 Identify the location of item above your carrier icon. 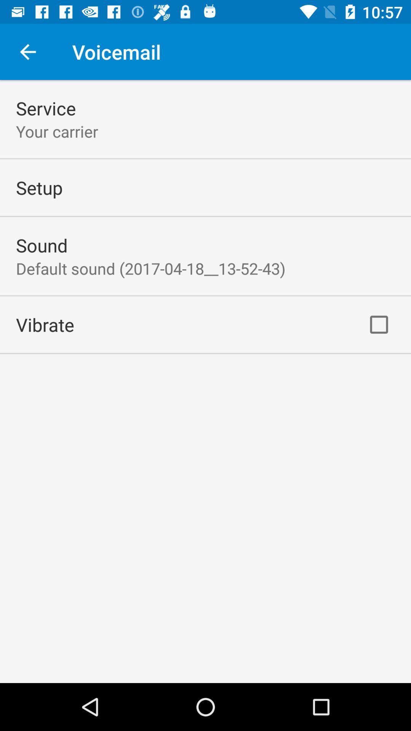
(46, 108).